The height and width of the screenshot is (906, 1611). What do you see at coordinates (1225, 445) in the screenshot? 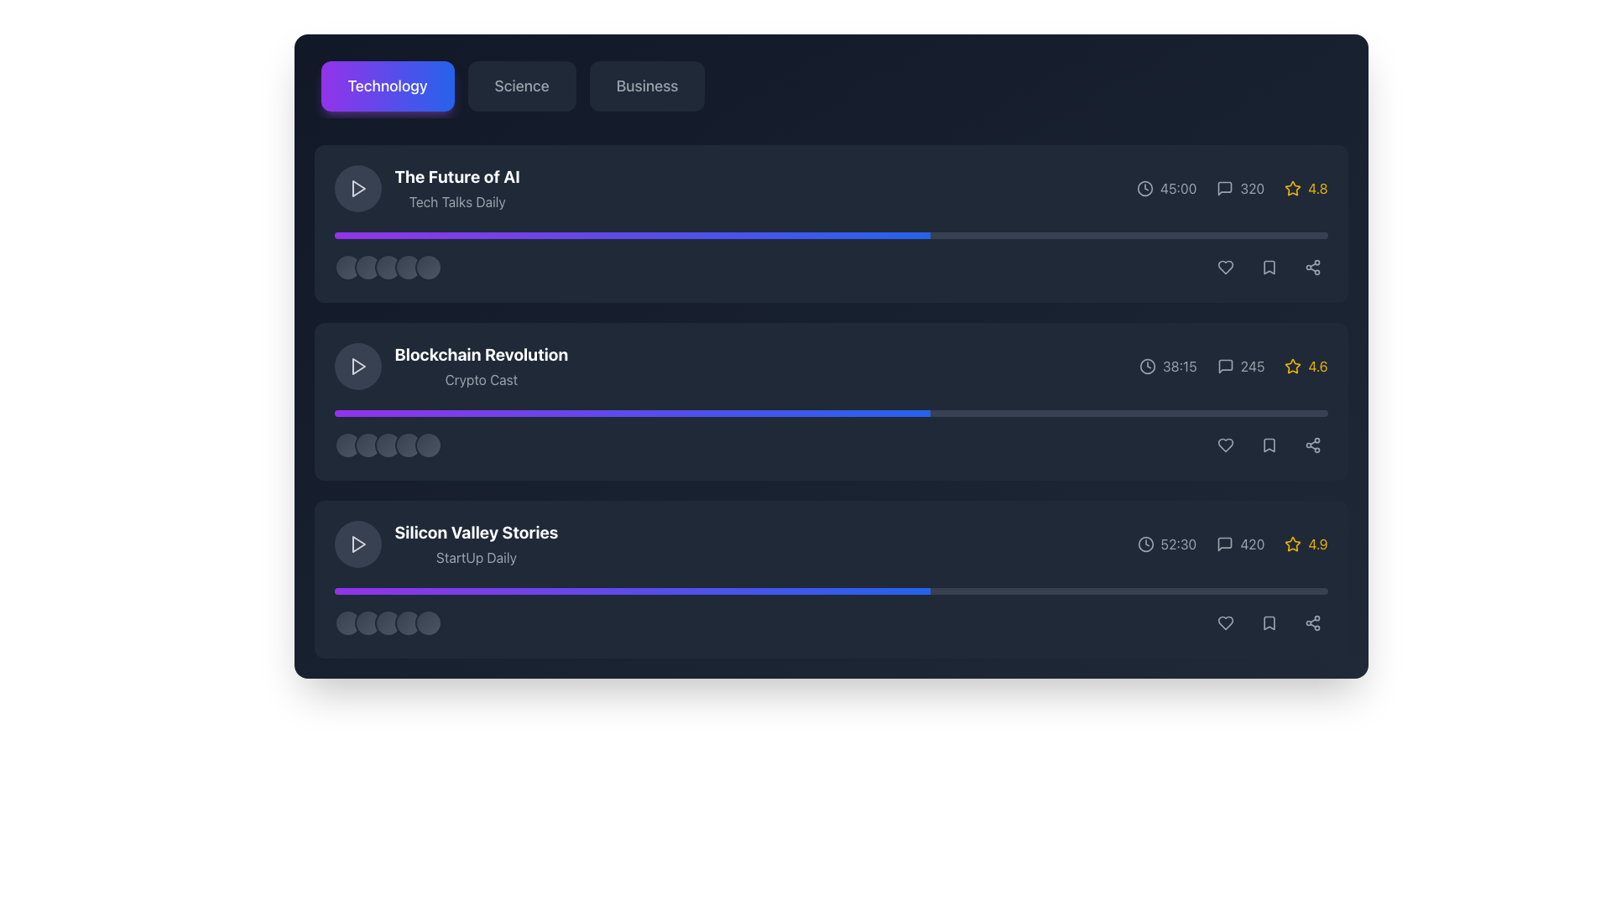
I see `the circular button with a gray heart-shaped icon to like or favorite the podcast 'Blockchain Revolution'. It is positioned on the same line as the podcast's duration and rating, and is the first in a sequence of three buttons` at bounding box center [1225, 445].